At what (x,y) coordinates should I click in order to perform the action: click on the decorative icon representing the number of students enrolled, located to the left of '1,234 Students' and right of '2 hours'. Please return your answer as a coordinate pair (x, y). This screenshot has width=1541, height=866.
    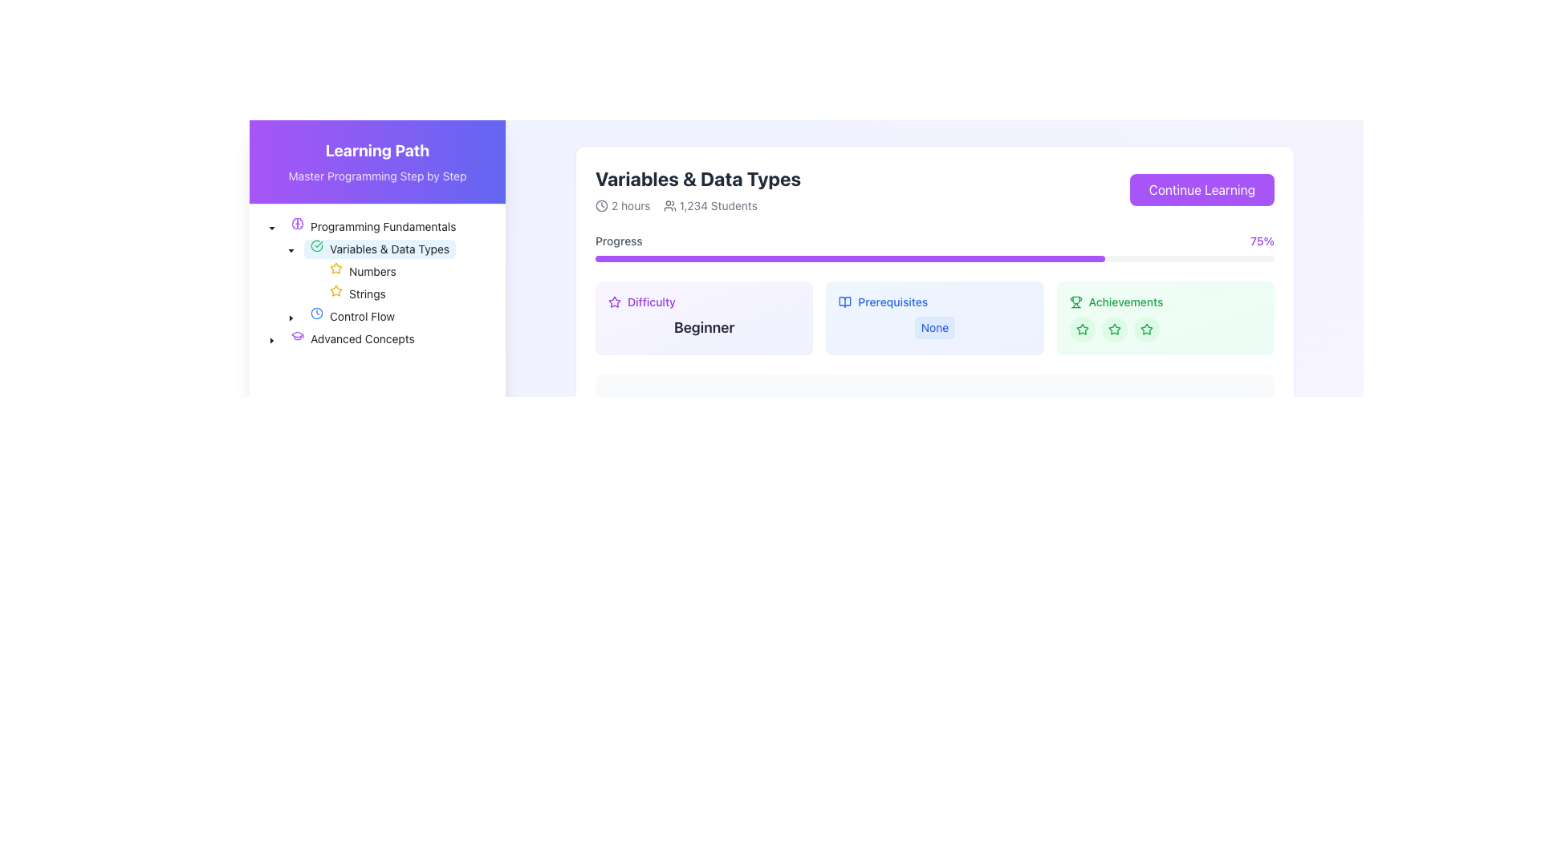
    Looking at the image, I should click on (669, 205).